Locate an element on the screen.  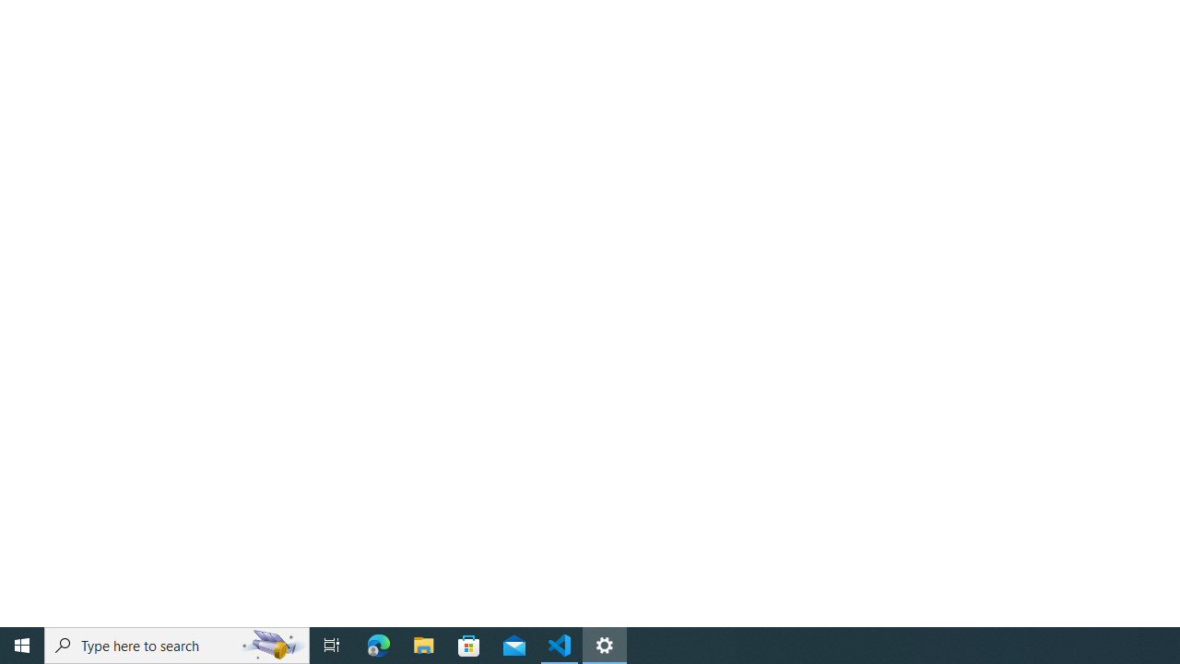
'Type here to search' is located at coordinates (177, 644).